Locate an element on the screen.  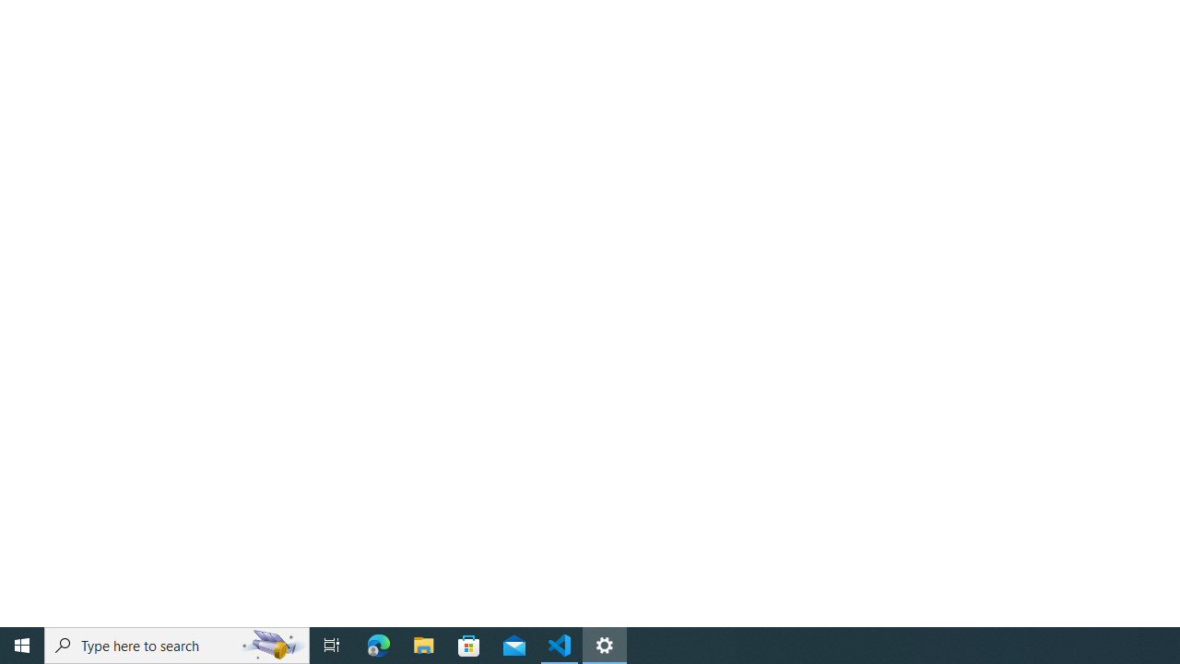
'Type here to search' is located at coordinates (177, 644).